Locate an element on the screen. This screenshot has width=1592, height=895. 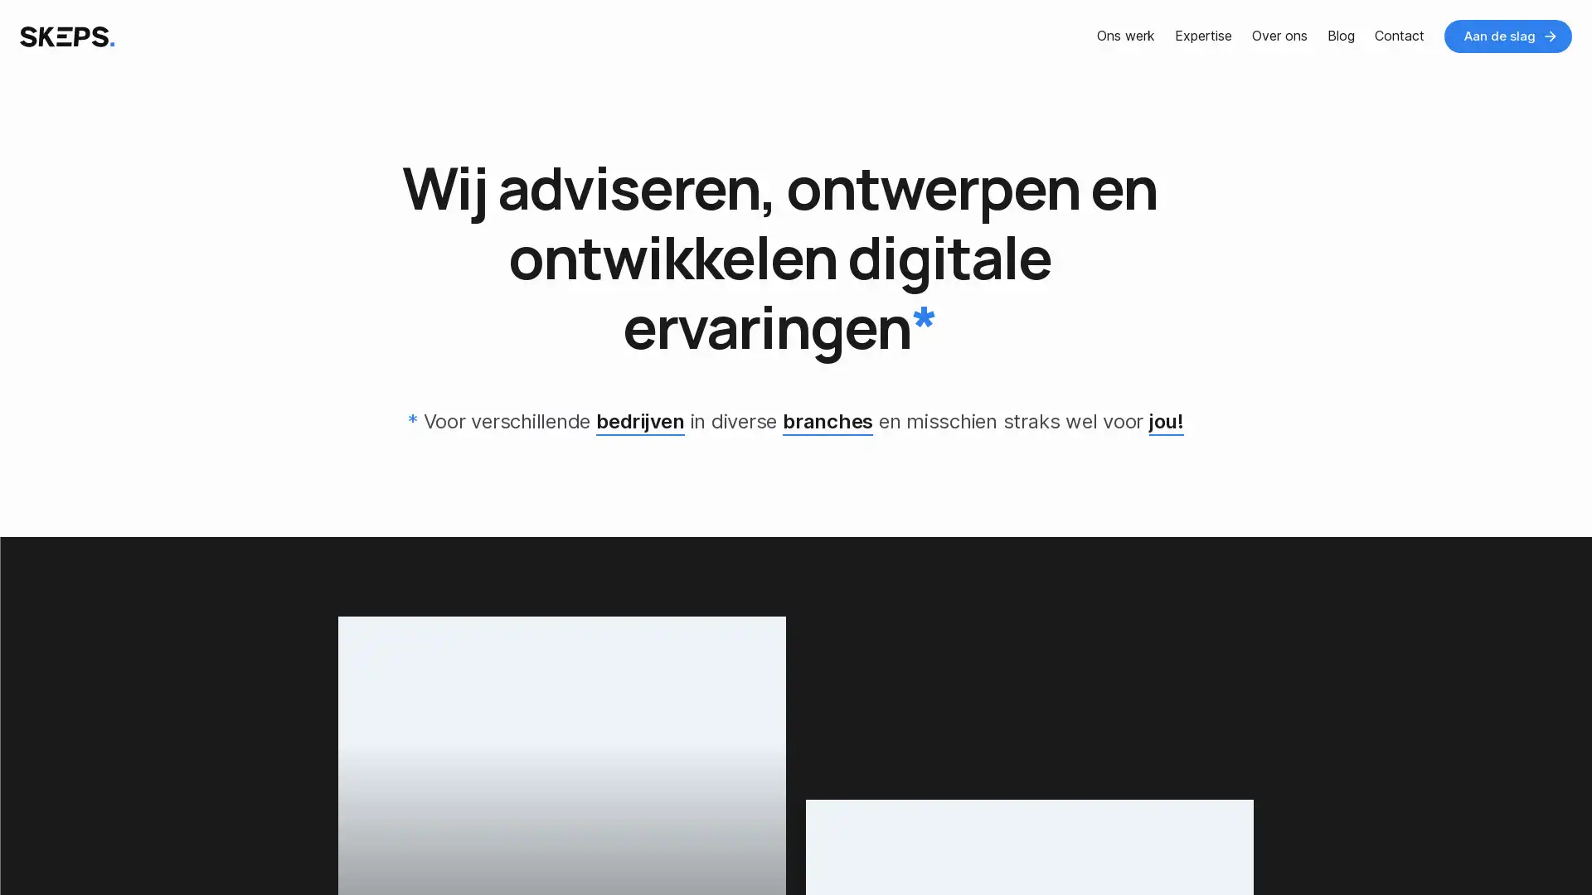
Alle cookies toestaan is located at coordinates (327, 848).